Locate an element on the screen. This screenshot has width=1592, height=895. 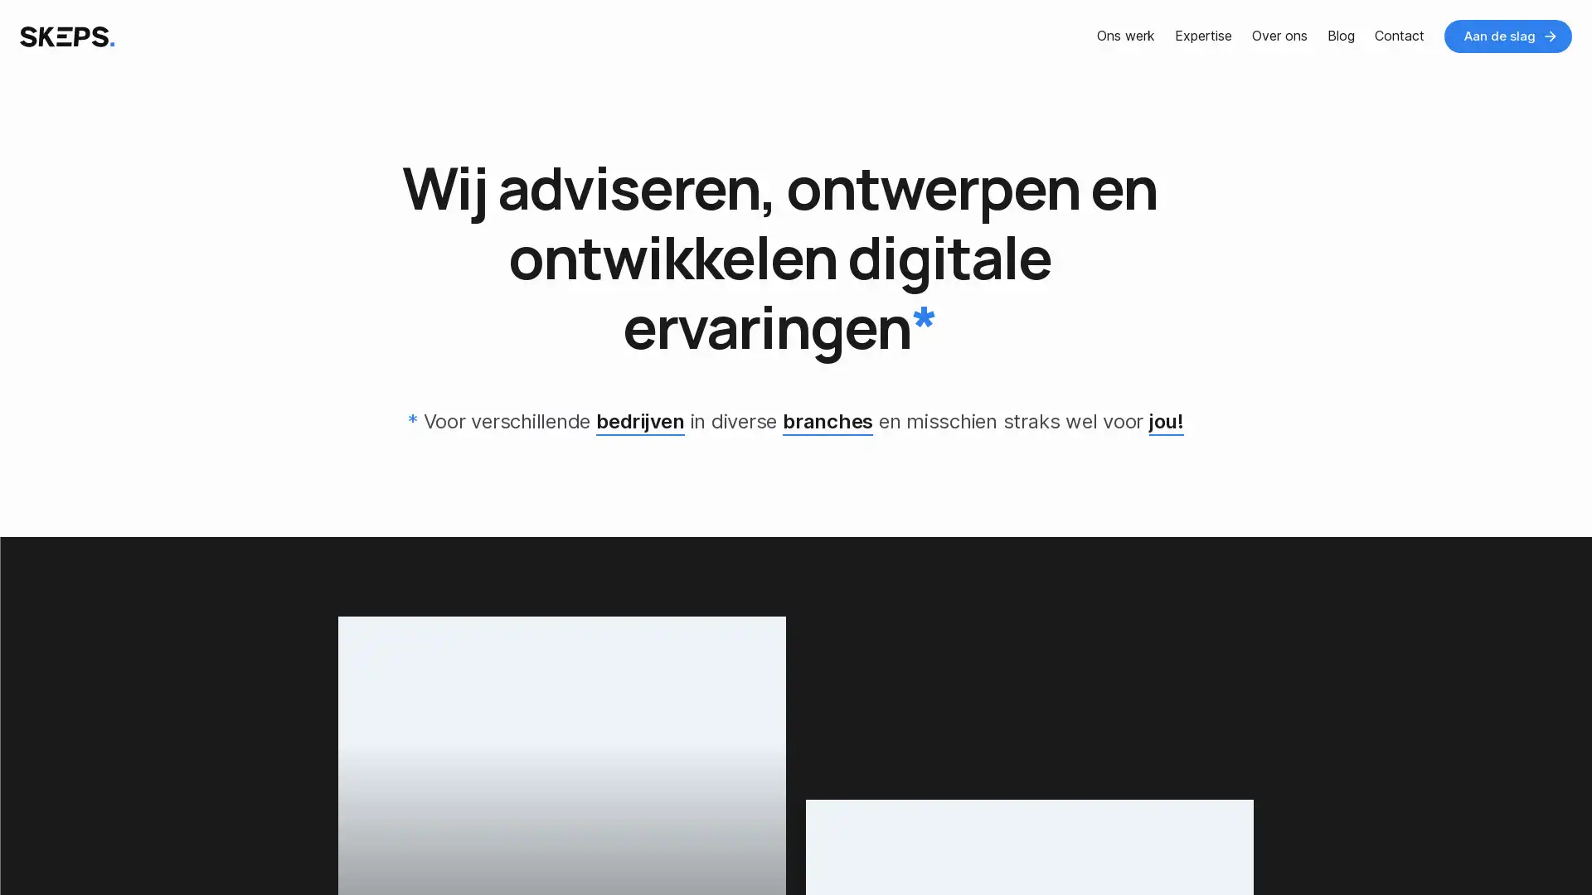
Alle cookies toestaan is located at coordinates (327, 848).